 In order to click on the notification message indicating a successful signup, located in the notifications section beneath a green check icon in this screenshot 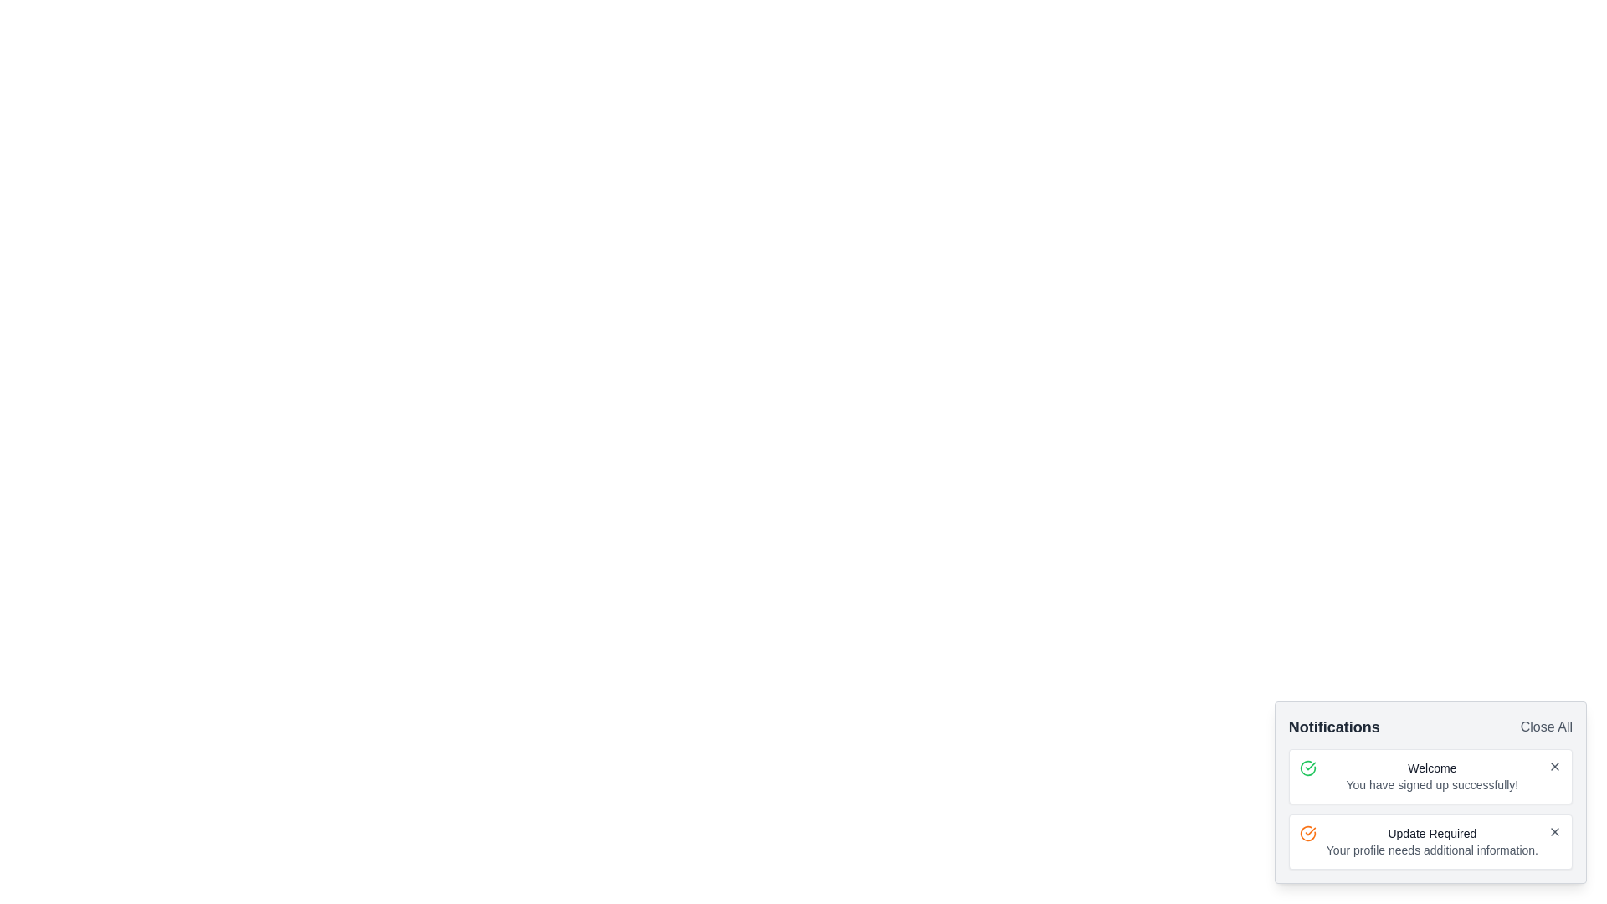, I will do `click(1431, 777)`.